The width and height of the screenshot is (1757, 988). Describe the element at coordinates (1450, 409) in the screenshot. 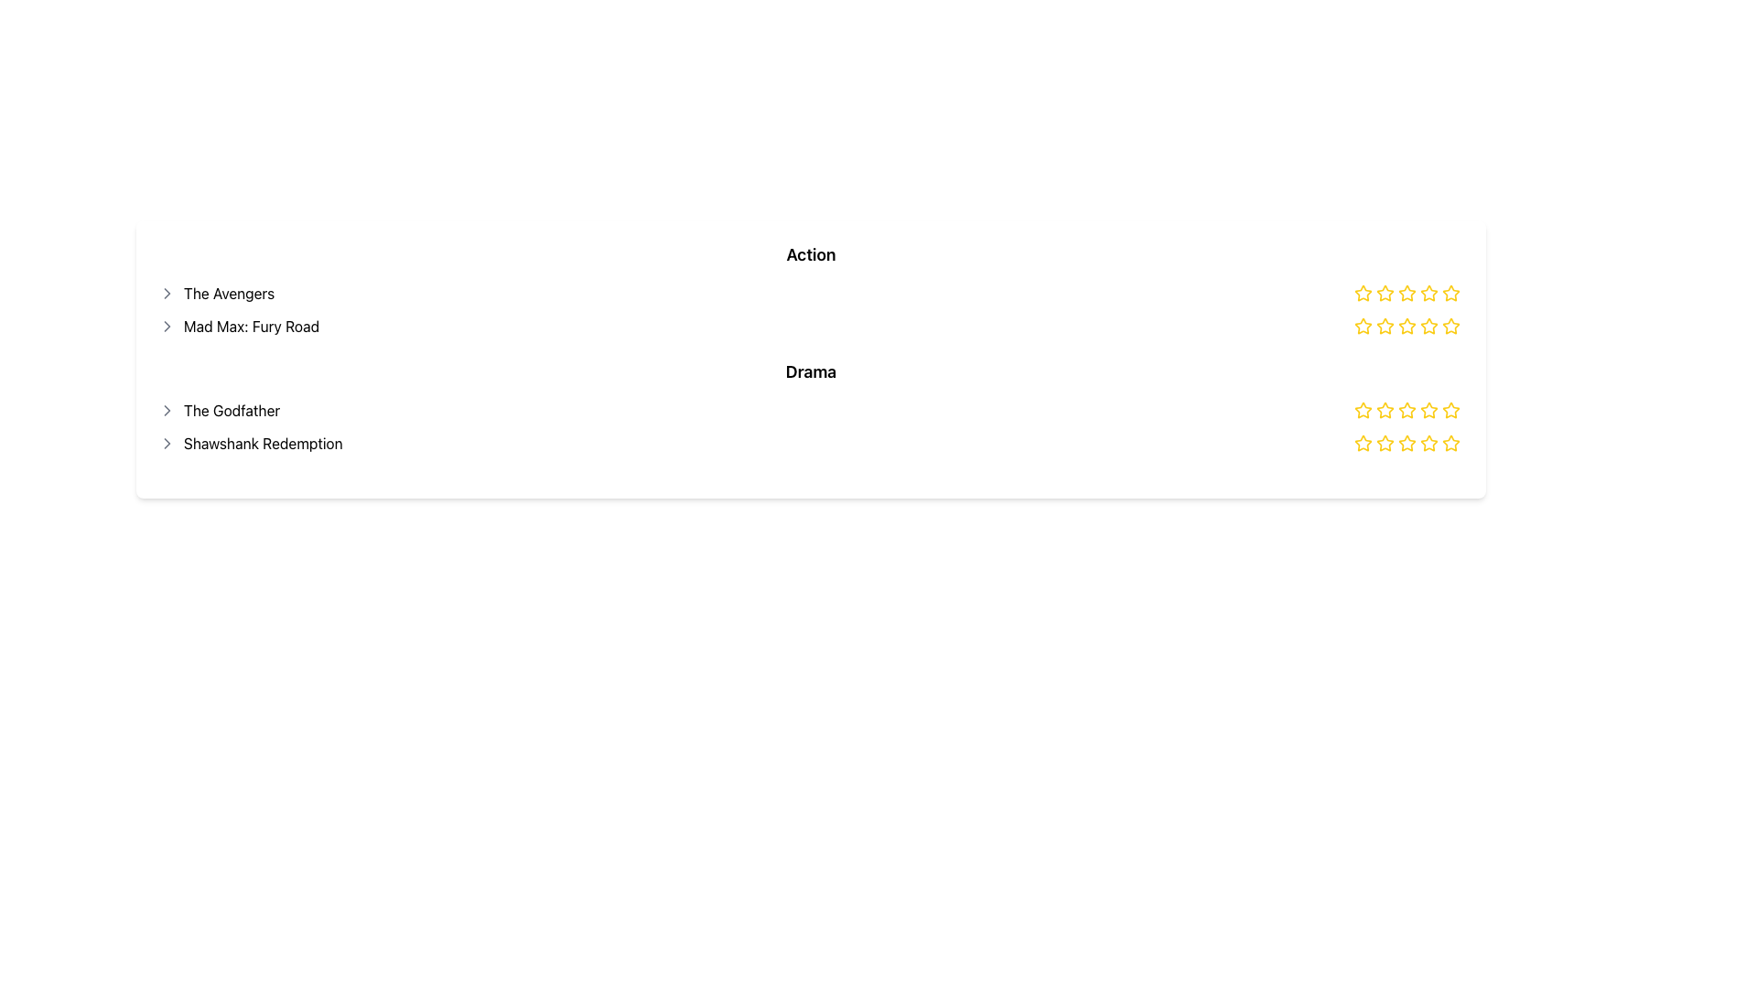

I see `the rightmost star icon in the rating scale for 'Shawshank Redemption' to set a rating level` at that location.